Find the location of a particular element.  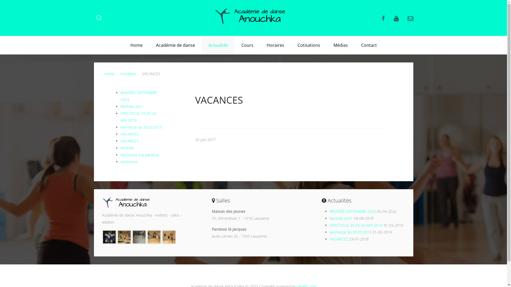

'img_7431' is located at coordinates (168, 236).